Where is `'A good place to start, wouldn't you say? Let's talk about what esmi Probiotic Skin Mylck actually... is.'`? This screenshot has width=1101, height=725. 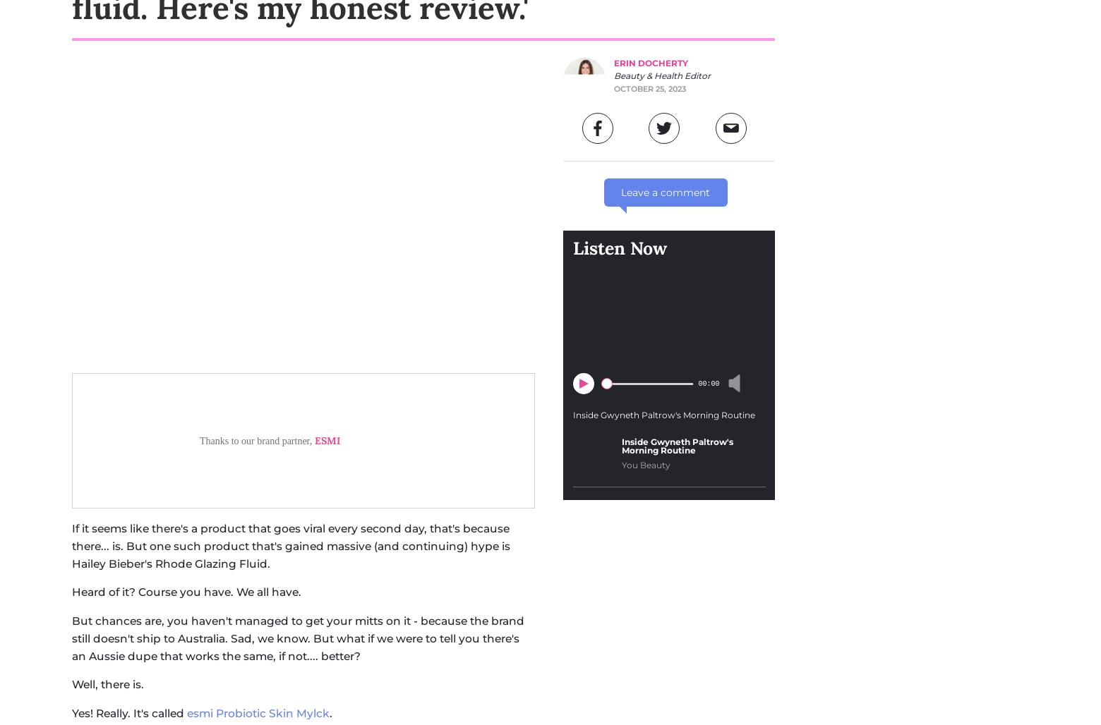 'A good place to start, wouldn't you say? Let's talk about what esmi Probiotic Skin Mylck actually... is.' is located at coordinates (296, 414).